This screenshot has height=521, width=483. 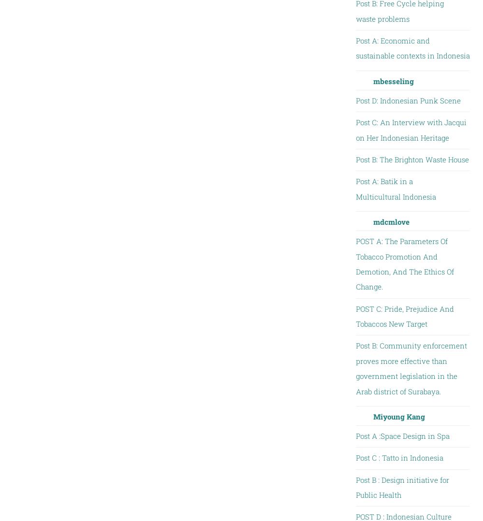 I want to click on 'Miyoung Kang', so click(x=398, y=415).